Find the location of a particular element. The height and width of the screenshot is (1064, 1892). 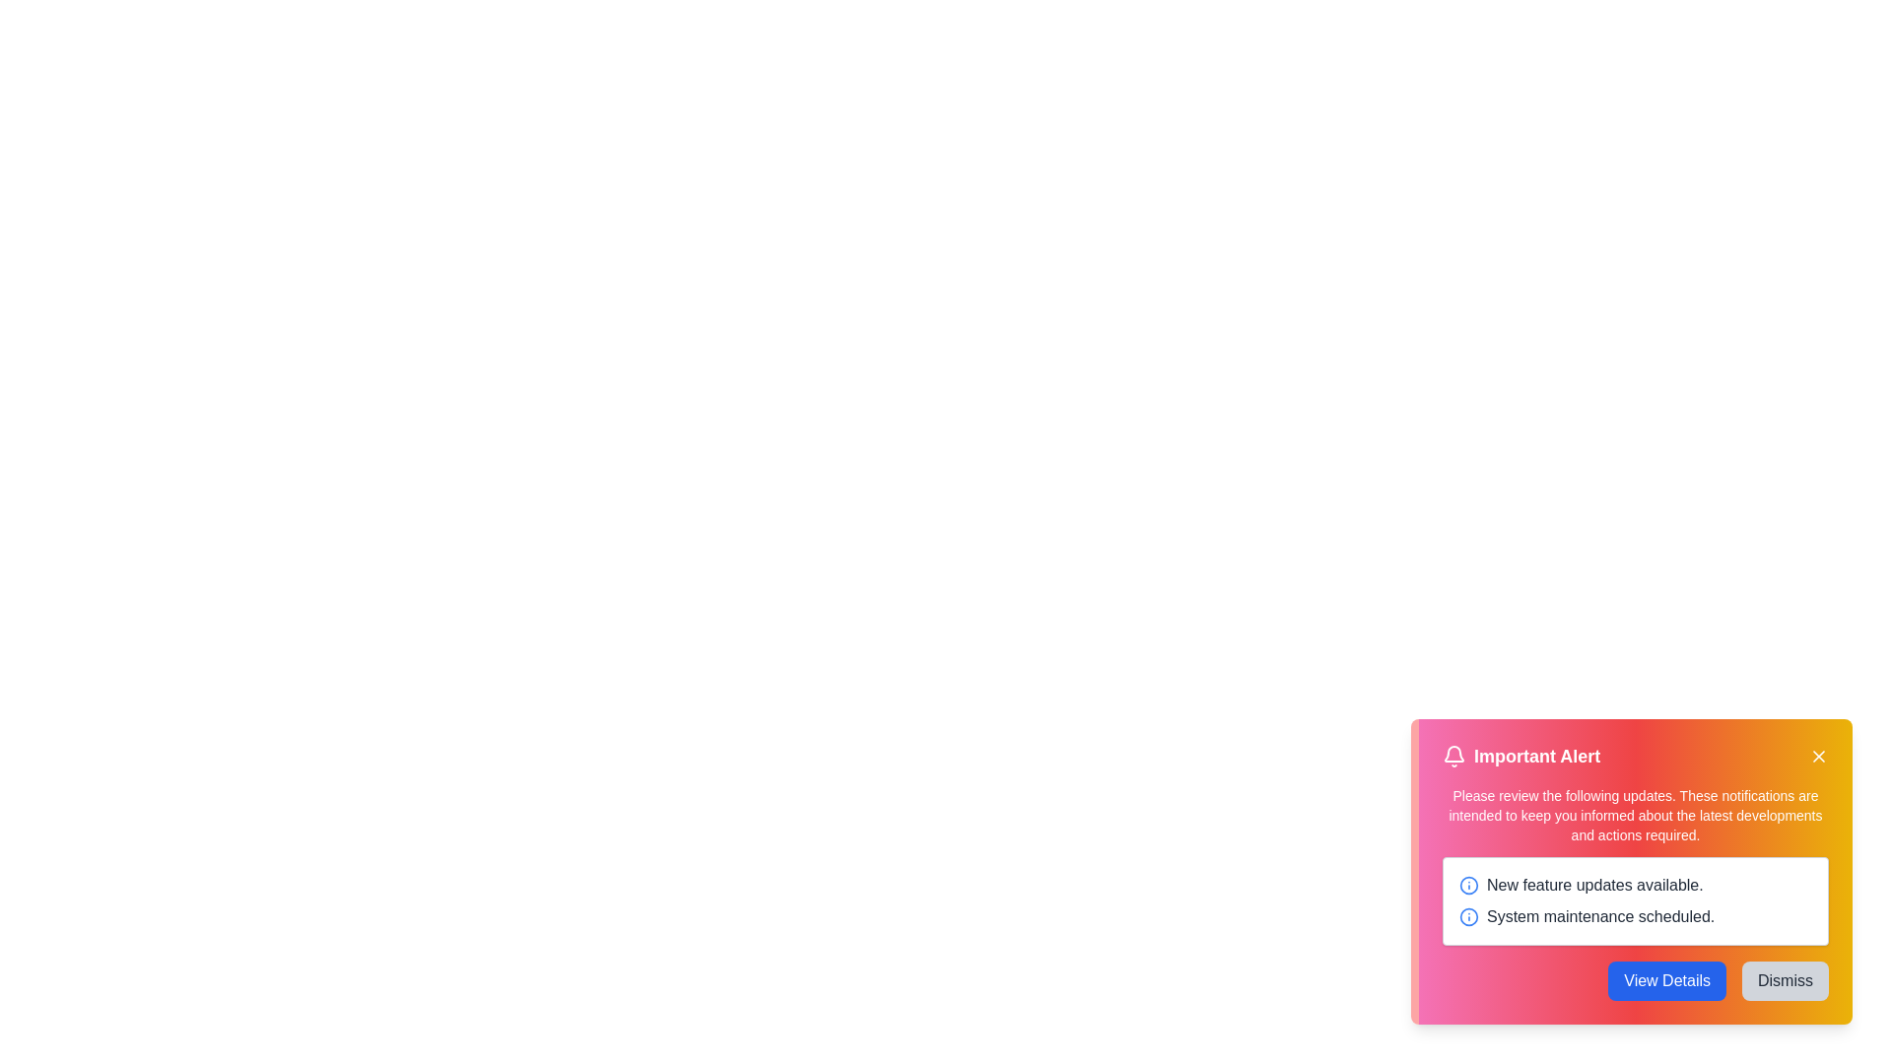

the close button located at the top-right of the alert box is located at coordinates (1818, 755).